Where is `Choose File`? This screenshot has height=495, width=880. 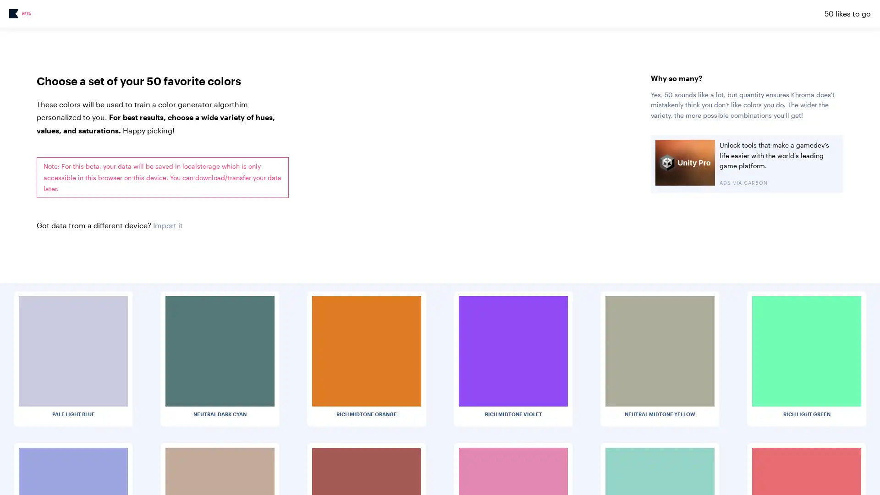 Choose File is located at coordinates (176, 226).